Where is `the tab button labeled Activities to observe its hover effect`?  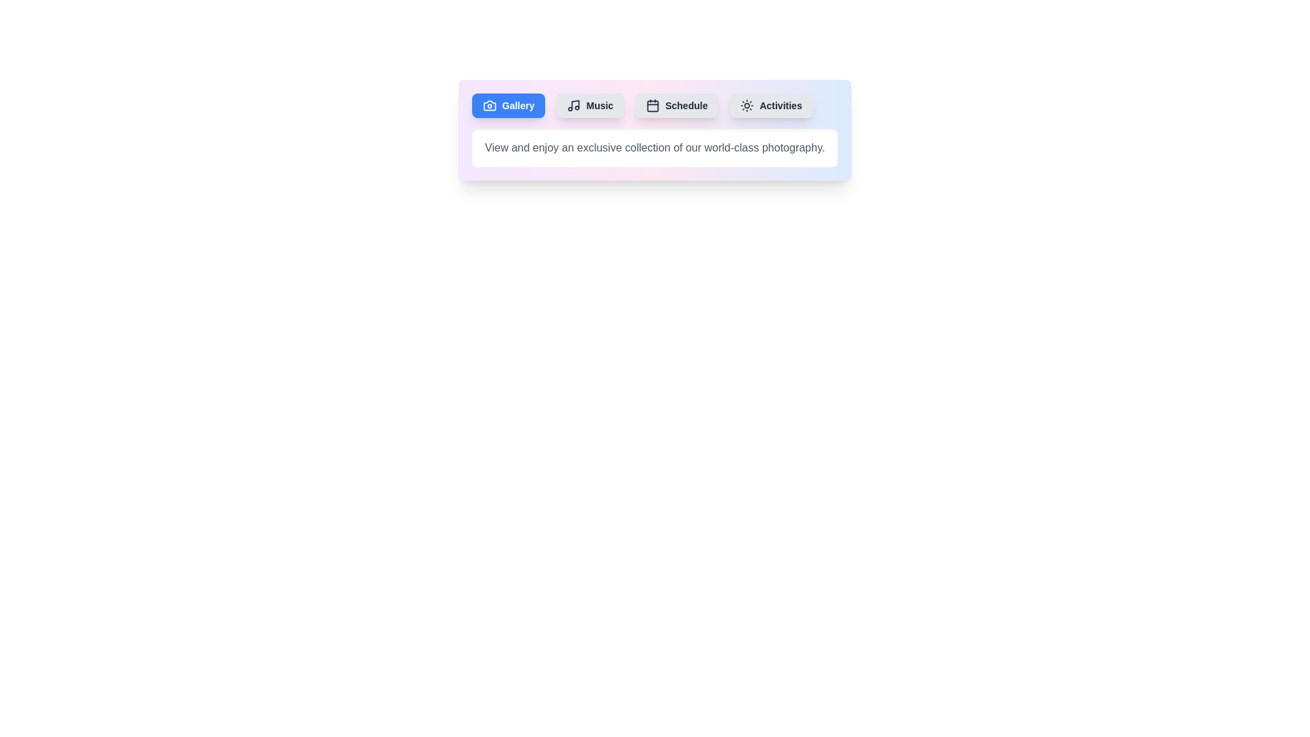
the tab button labeled Activities to observe its hover effect is located at coordinates (771, 104).